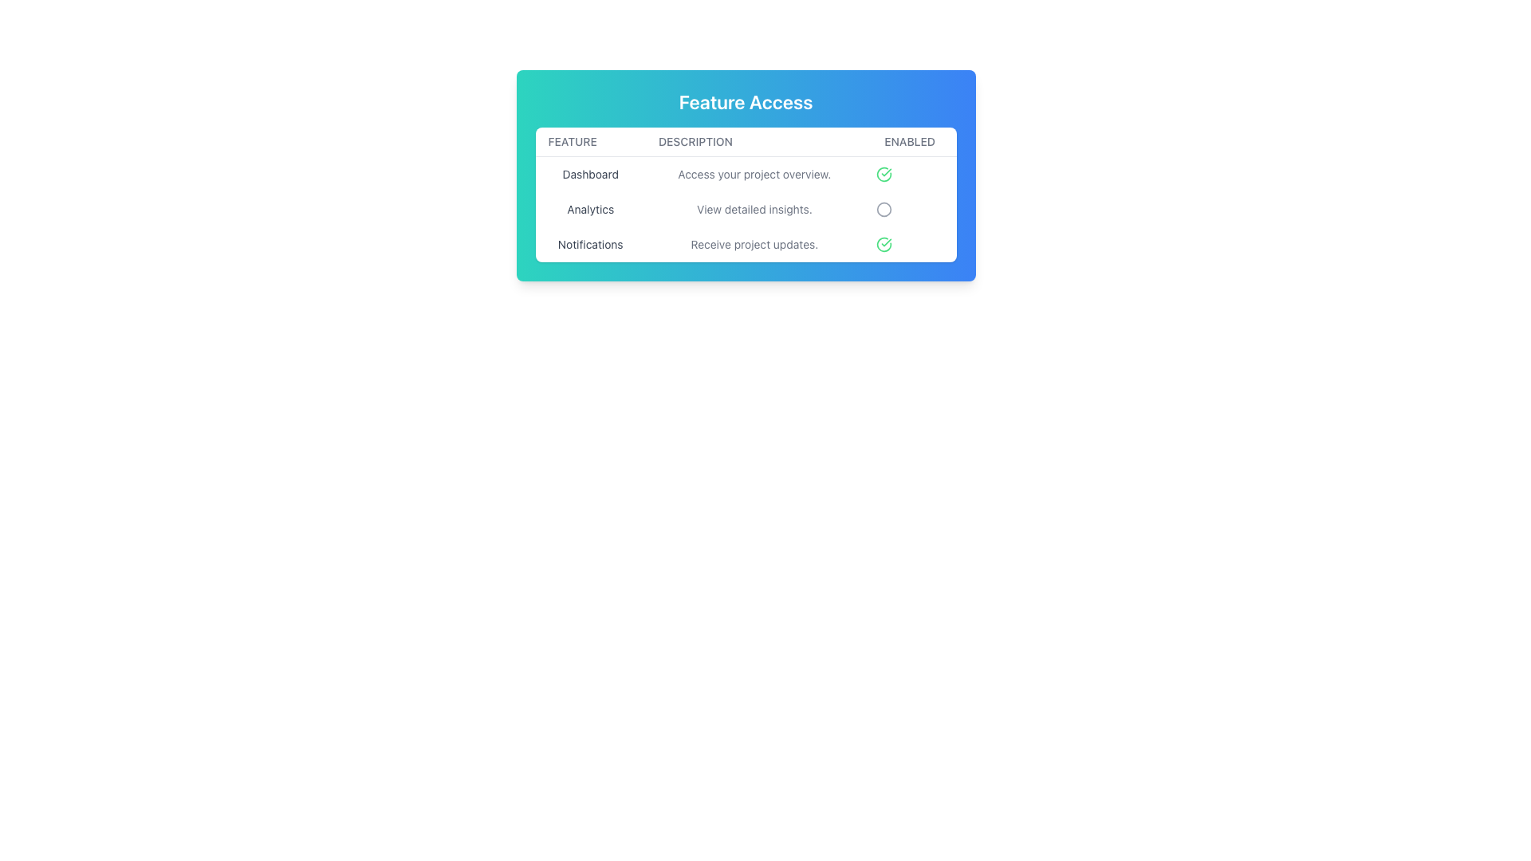  What do you see at coordinates (754, 208) in the screenshot?
I see `the text label 'View detailed insights.' located in the second row and second column of the table under the 'Description' column corresponding to the 'Analytics' row` at bounding box center [754, 208].